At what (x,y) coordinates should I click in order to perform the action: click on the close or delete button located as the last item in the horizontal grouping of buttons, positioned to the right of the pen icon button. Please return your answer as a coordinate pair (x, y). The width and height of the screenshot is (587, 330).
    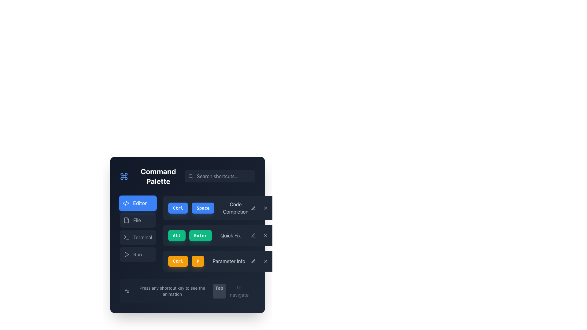
    Looking at the image, I should click on (265, 261).